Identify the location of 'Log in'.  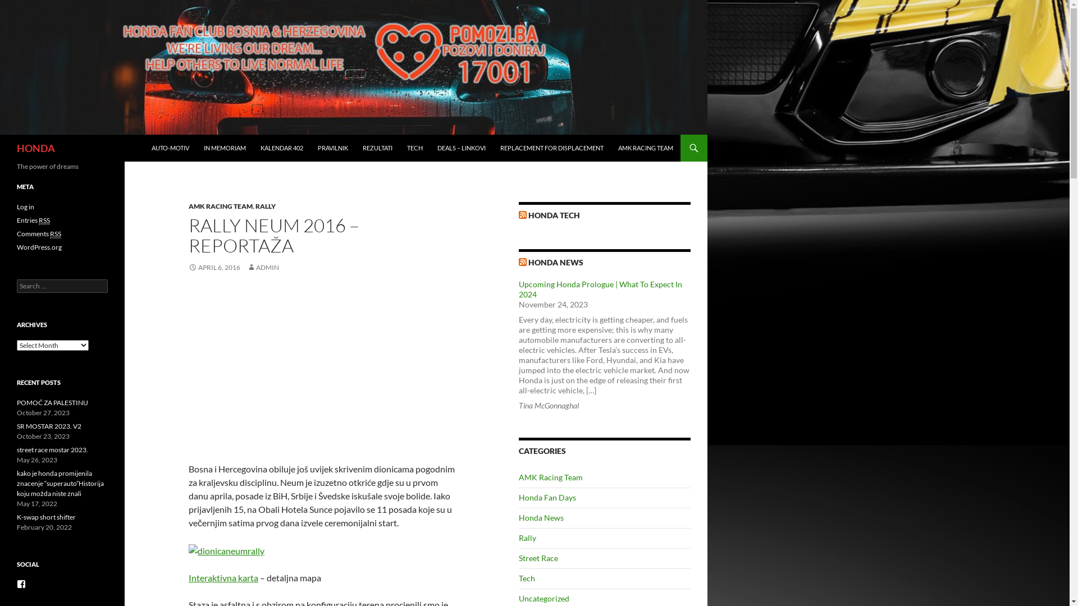
(16, 206).